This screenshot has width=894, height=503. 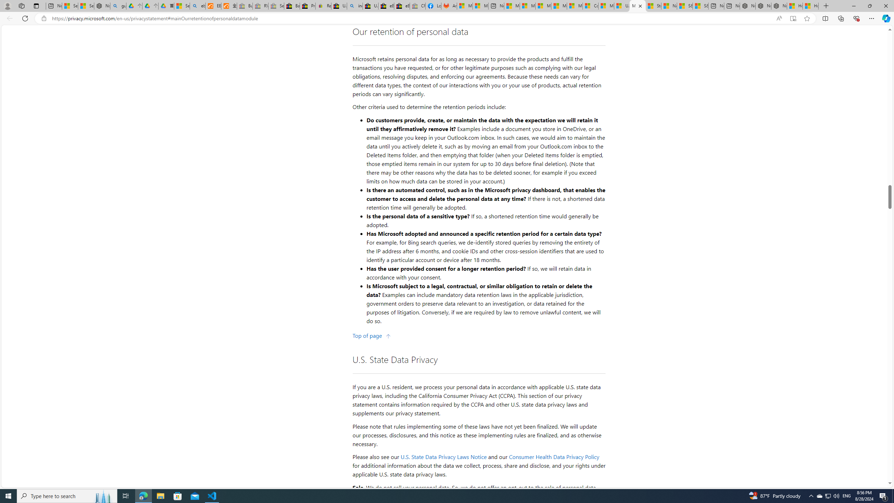 I want to click on 'Register: Create a personal eBay account', so click(x=323, y=6).